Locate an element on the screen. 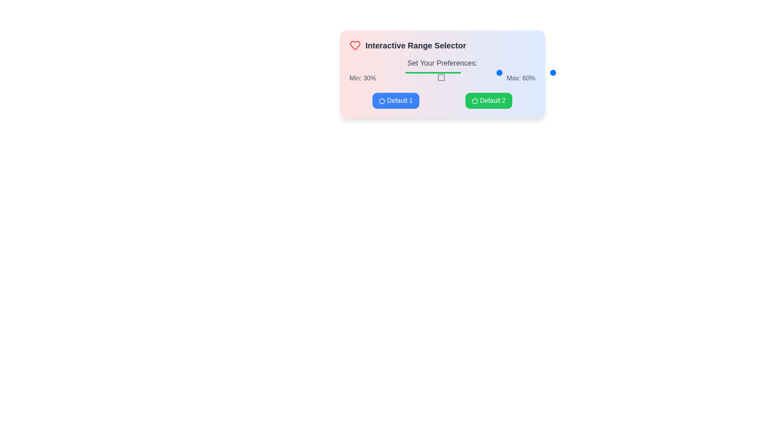  the decorative checkbox element located below the 'Set Your Preferences:' text and above the green horizontal line is located at coordinates (441, 77).